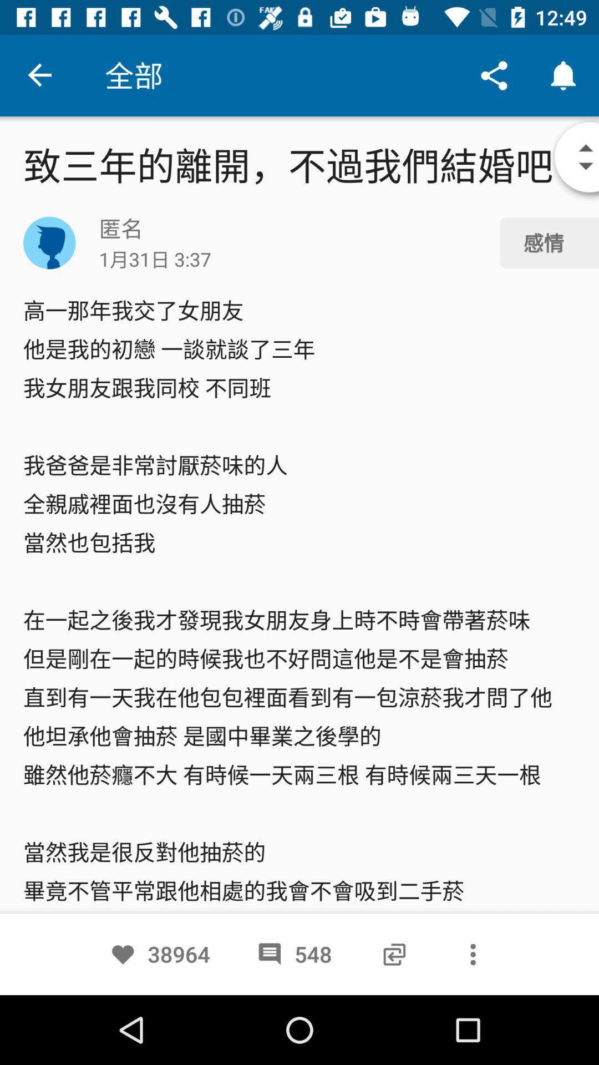 Image resolution: width=599 pixels, height=1065 pixels. Describe the element at coordinates (473, 954) in the screenshot. I see `the more icon` at that location.